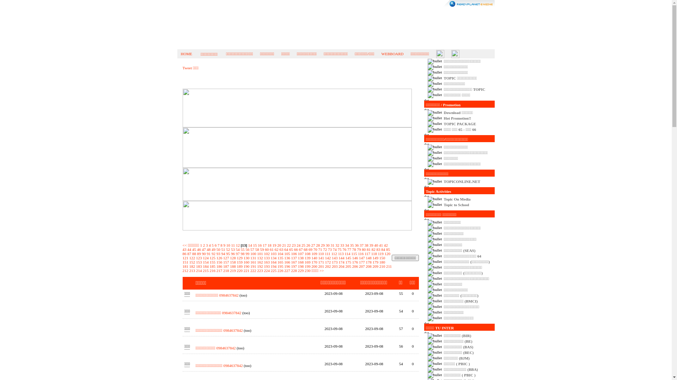 The image size is (677, 380). What do you see at coordinates (205, 262) in the screenshot?
I see `'154'` at bounding box center [205, 262].